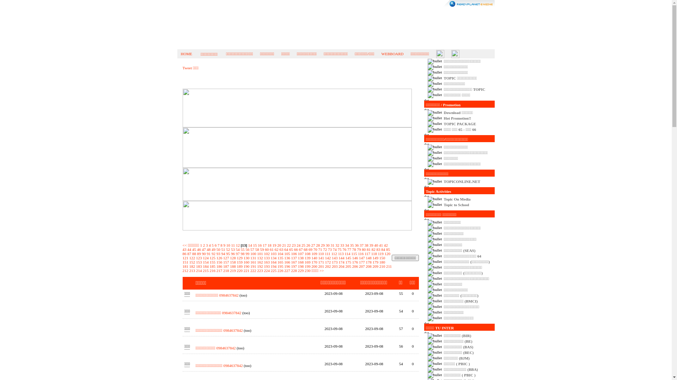 The image size is (677, 380). What do you see at coordinates (205, 262) in the screenshot?
I see `'154'` at bounding box center [205, 262].